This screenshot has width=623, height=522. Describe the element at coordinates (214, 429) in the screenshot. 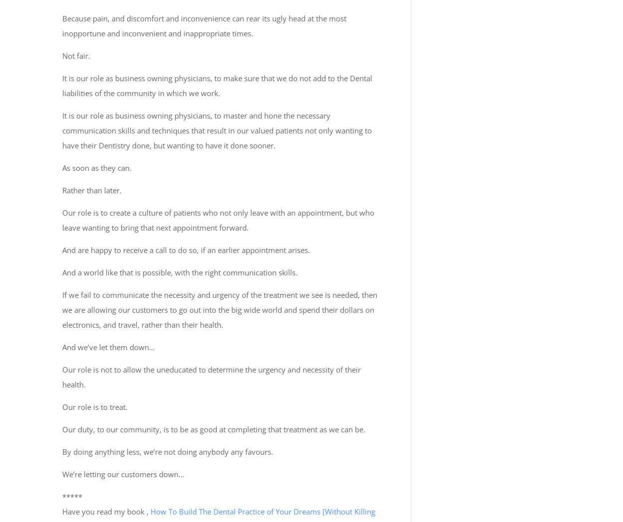

I see `'Our duty, to our community, is to be as good at completing that treatment as we can be.'` at that location.